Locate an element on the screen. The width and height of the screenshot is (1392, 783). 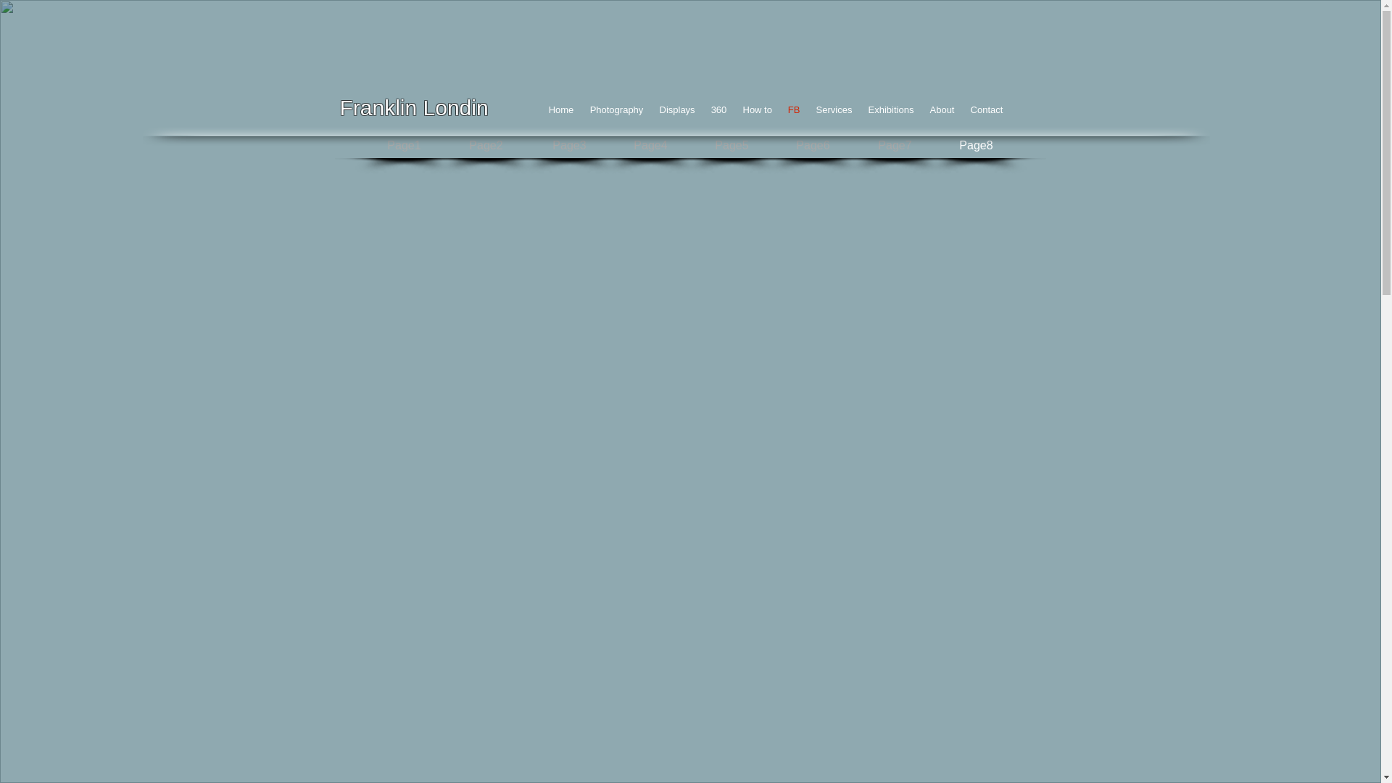
'FB' is located at coordinates (793, 109).